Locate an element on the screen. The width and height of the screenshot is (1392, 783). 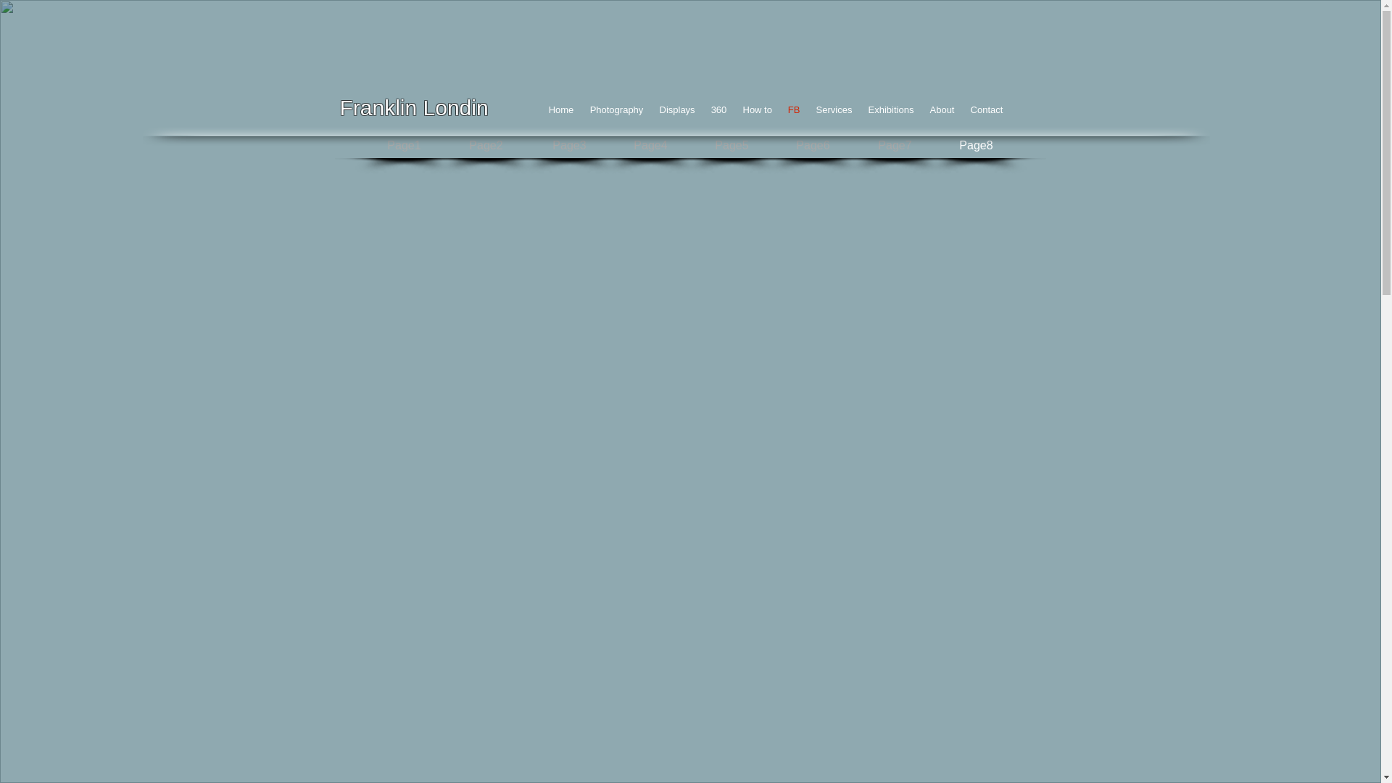
'FB' is located at coordinates (793, 109).